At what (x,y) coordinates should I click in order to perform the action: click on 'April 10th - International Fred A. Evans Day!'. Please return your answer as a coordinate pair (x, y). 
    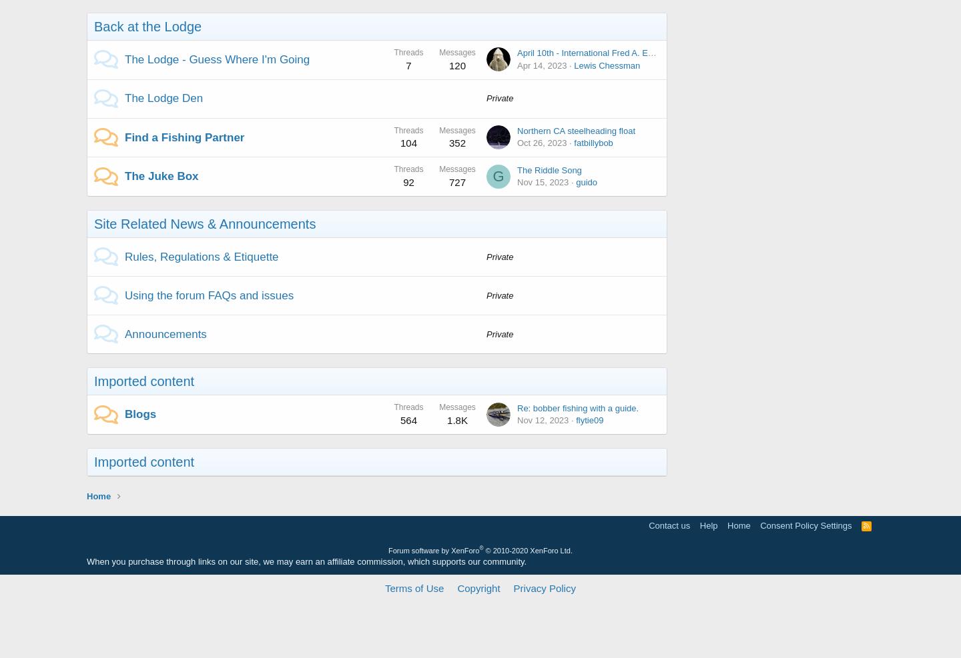
    Looking at the image, I should click on (601, 53).